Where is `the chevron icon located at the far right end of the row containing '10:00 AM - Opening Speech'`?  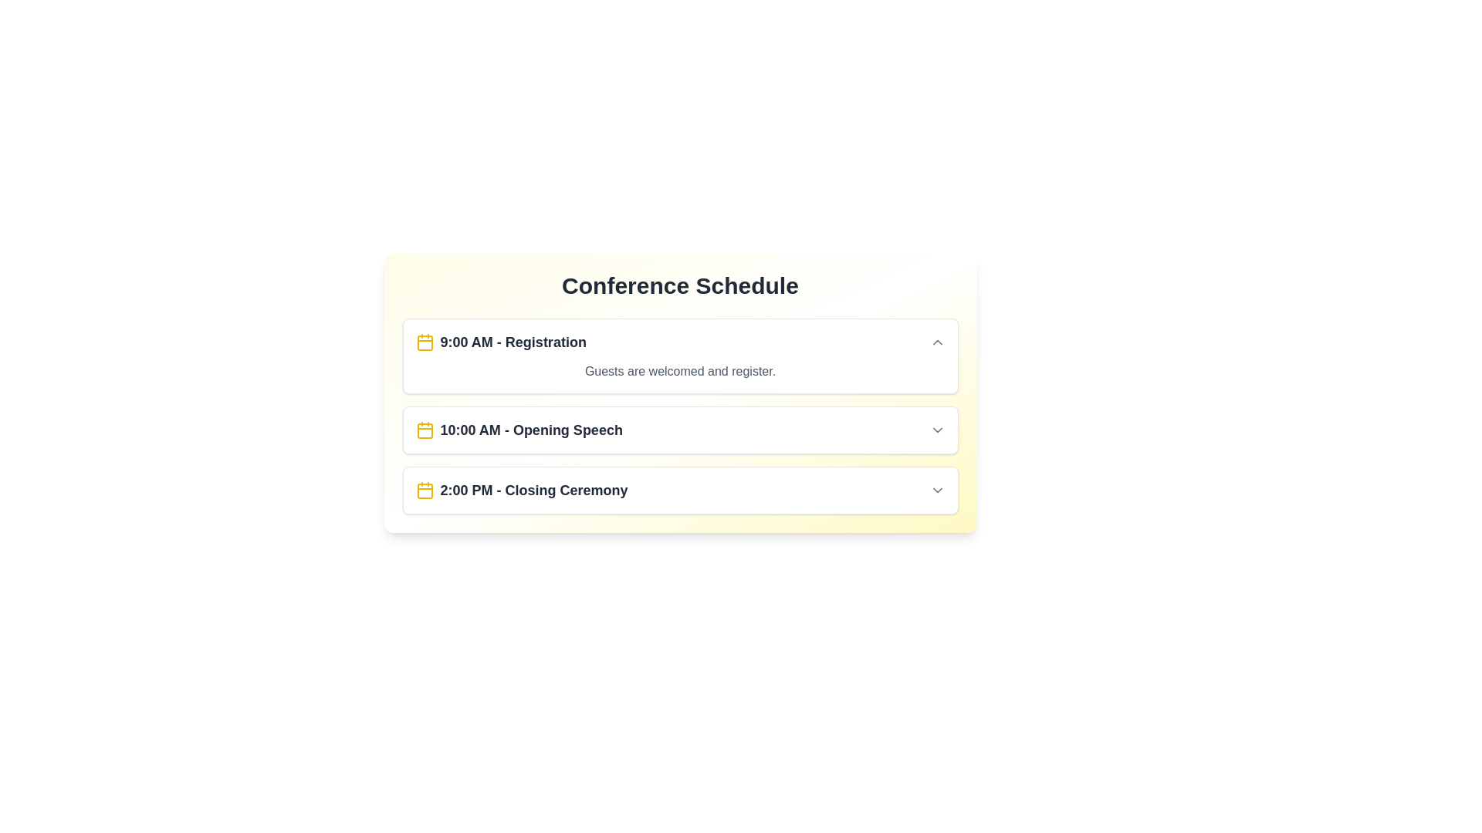
the chevron icon located at the far right end of the row containing '10:00 AM - Opening Speech' is located at coordinates (936, 430).